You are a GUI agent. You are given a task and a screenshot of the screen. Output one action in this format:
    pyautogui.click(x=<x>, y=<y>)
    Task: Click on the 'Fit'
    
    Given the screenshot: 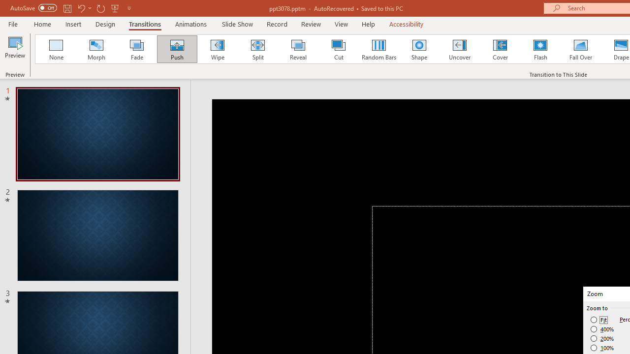 What is the action you would take?
    pyautogui.click(x=598, y=320)
    